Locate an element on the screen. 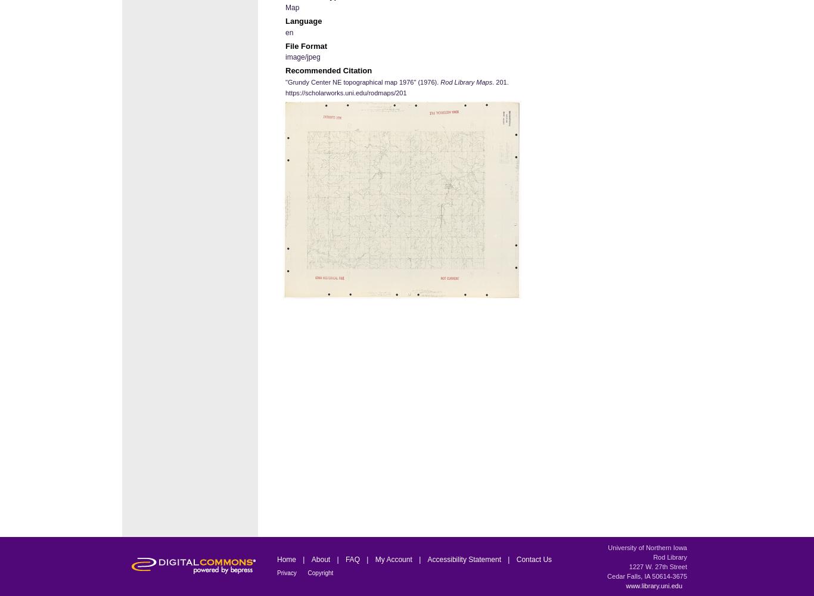 This screenshot has height=596, width=814. 'My Account' is located at coordinates (393, 559).